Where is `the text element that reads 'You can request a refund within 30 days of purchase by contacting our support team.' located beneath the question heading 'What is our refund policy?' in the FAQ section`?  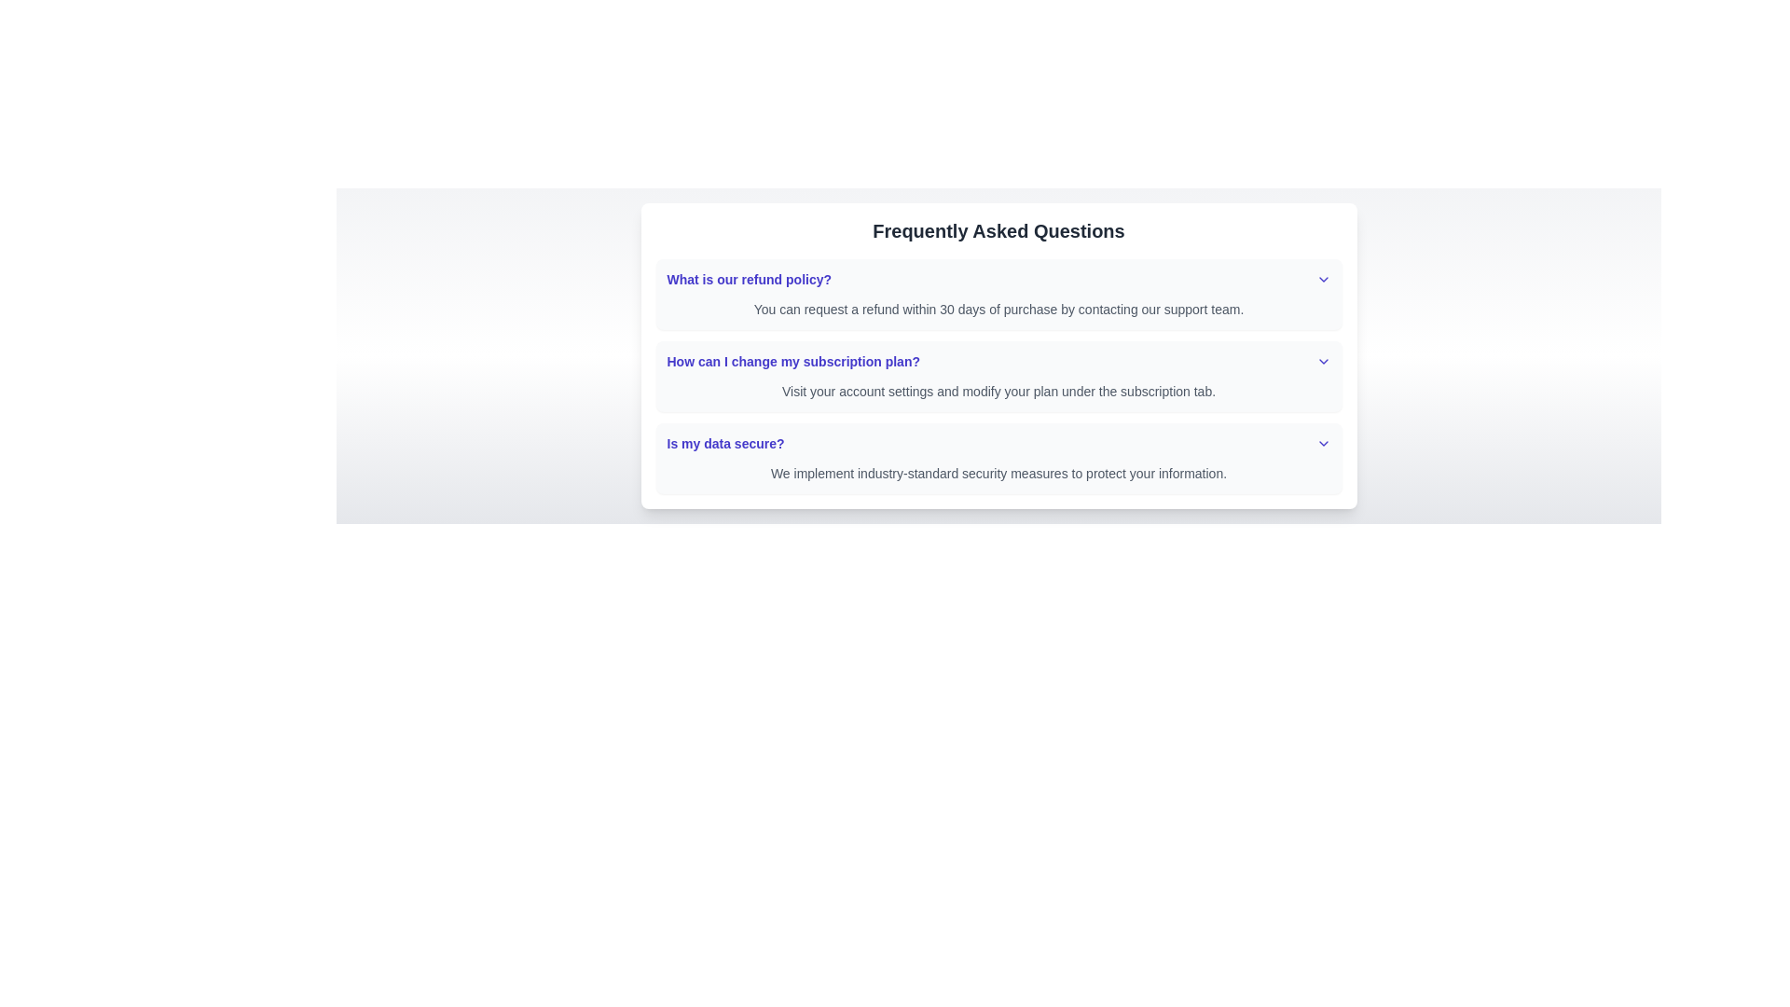 the text element that reads 'You can request a refund within 30 days of purchase by contacting our support team.' located beneath the question heading 'What is our refund policy?' in the FAQ section is located at coordinates (998, 308).